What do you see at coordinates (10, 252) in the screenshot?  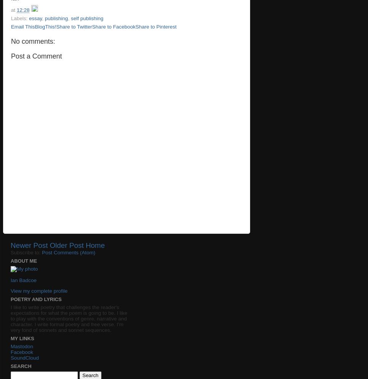 I see `'Subscribe to:'` at bounding box center [10, 252].